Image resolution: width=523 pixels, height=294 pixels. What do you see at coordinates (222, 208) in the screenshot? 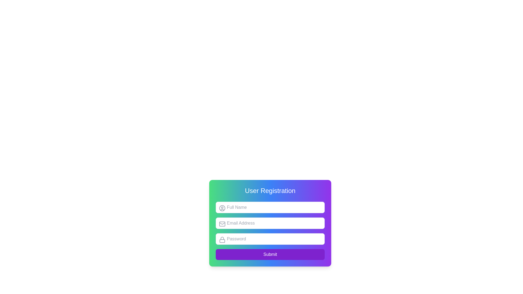
I see `the user avatar icon, which is the outermost circle within the SVG graphic located to the left of the 'Full Name' input field` at bounding box center [222, 208].